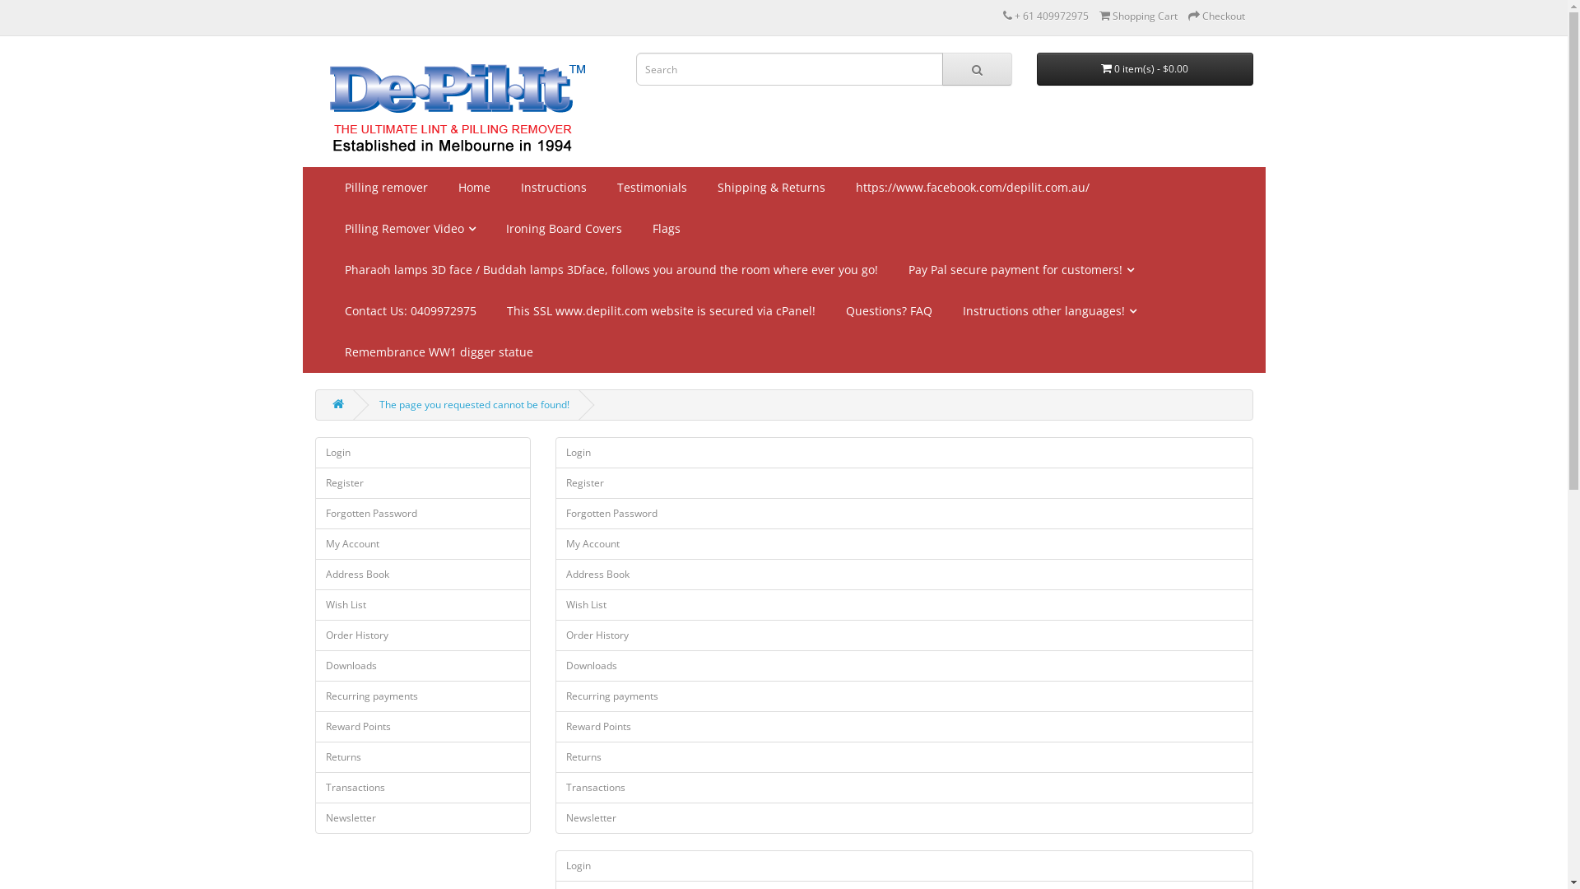  I want to click on 'The page you requested cannot be found!', so click(472, 404).